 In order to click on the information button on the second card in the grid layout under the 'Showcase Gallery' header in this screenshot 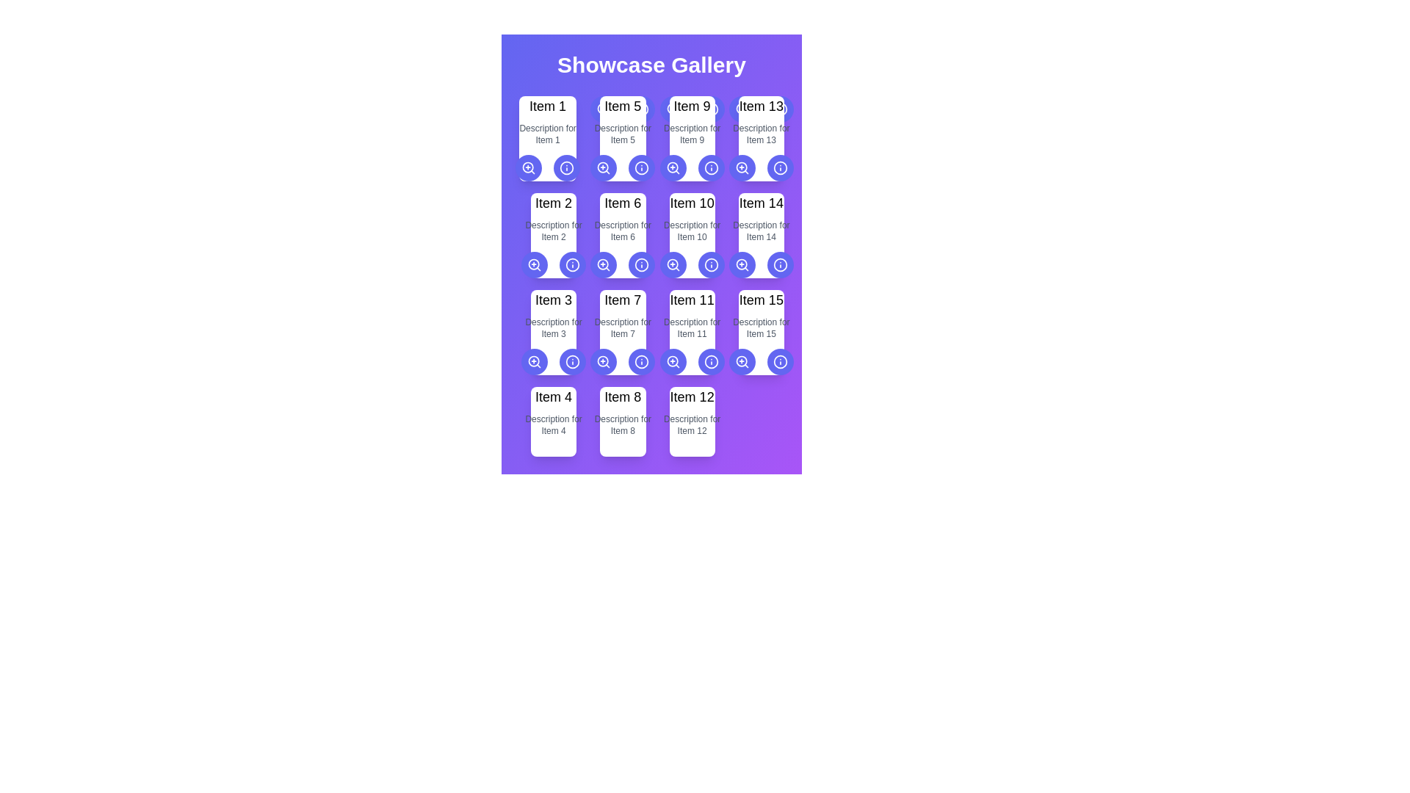, I will do `click(553, 234)`.